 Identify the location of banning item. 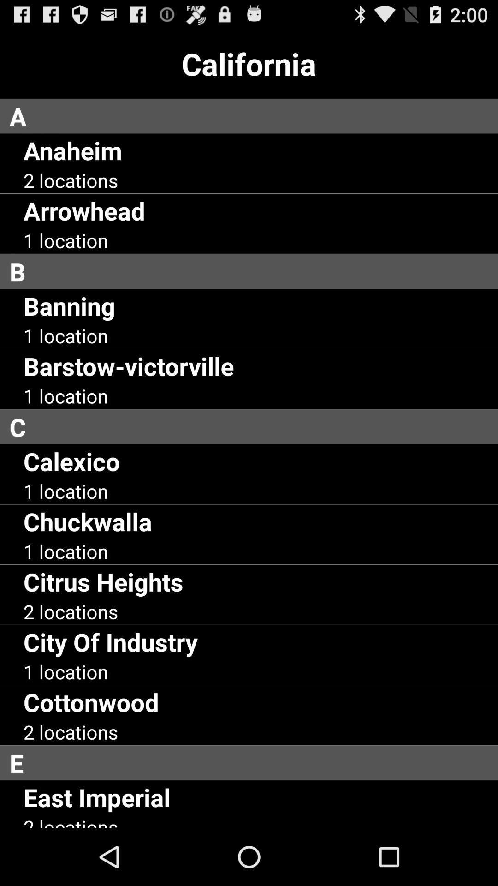
(69, 305).